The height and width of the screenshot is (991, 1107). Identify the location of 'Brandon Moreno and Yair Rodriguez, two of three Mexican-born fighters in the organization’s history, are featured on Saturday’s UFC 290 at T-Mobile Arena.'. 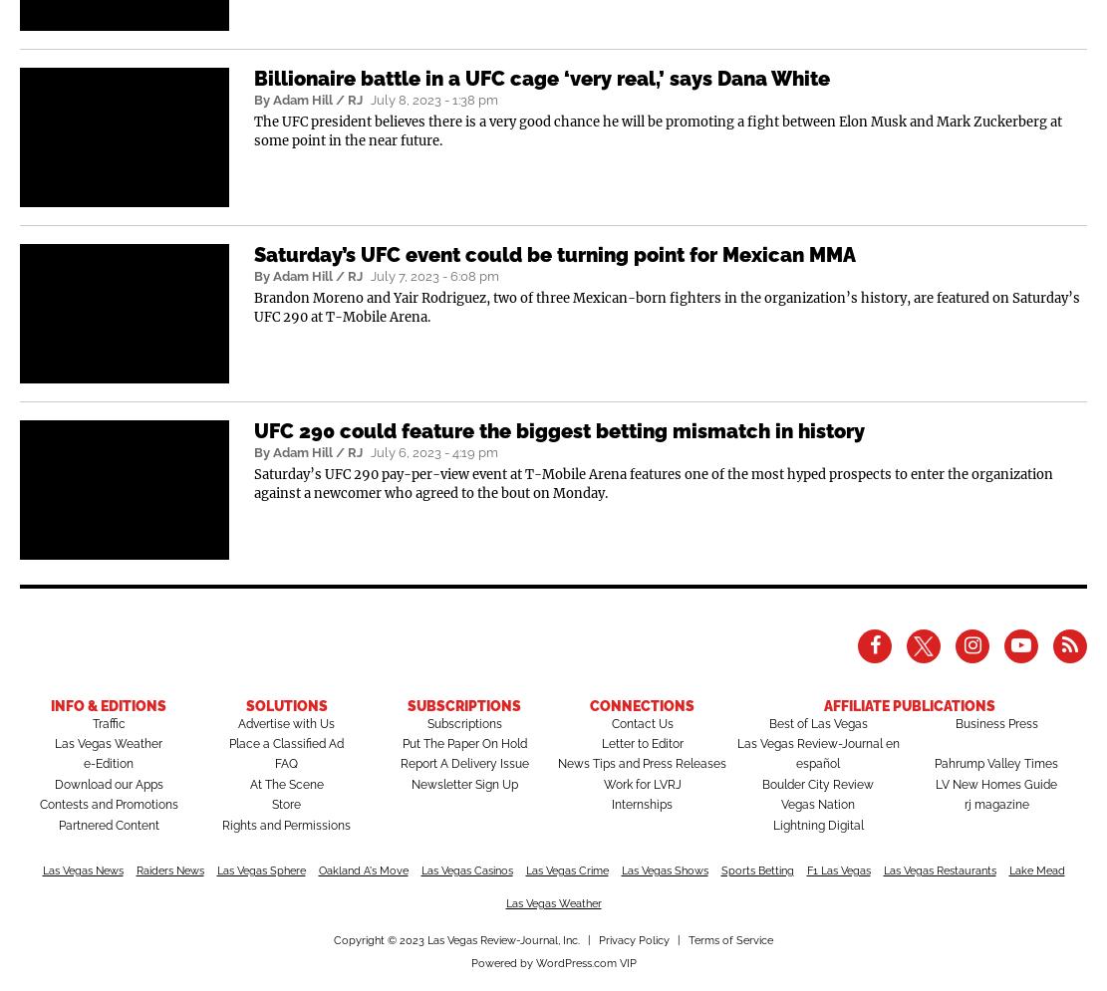
(667, 307).